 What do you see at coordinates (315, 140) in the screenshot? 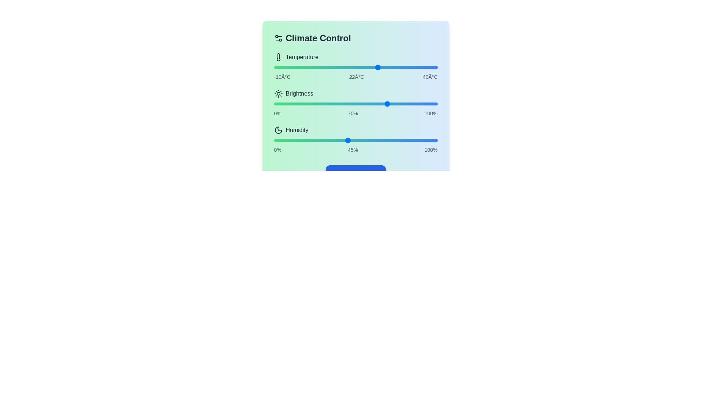
I see `the humidity` at bounding box center [315, 140].